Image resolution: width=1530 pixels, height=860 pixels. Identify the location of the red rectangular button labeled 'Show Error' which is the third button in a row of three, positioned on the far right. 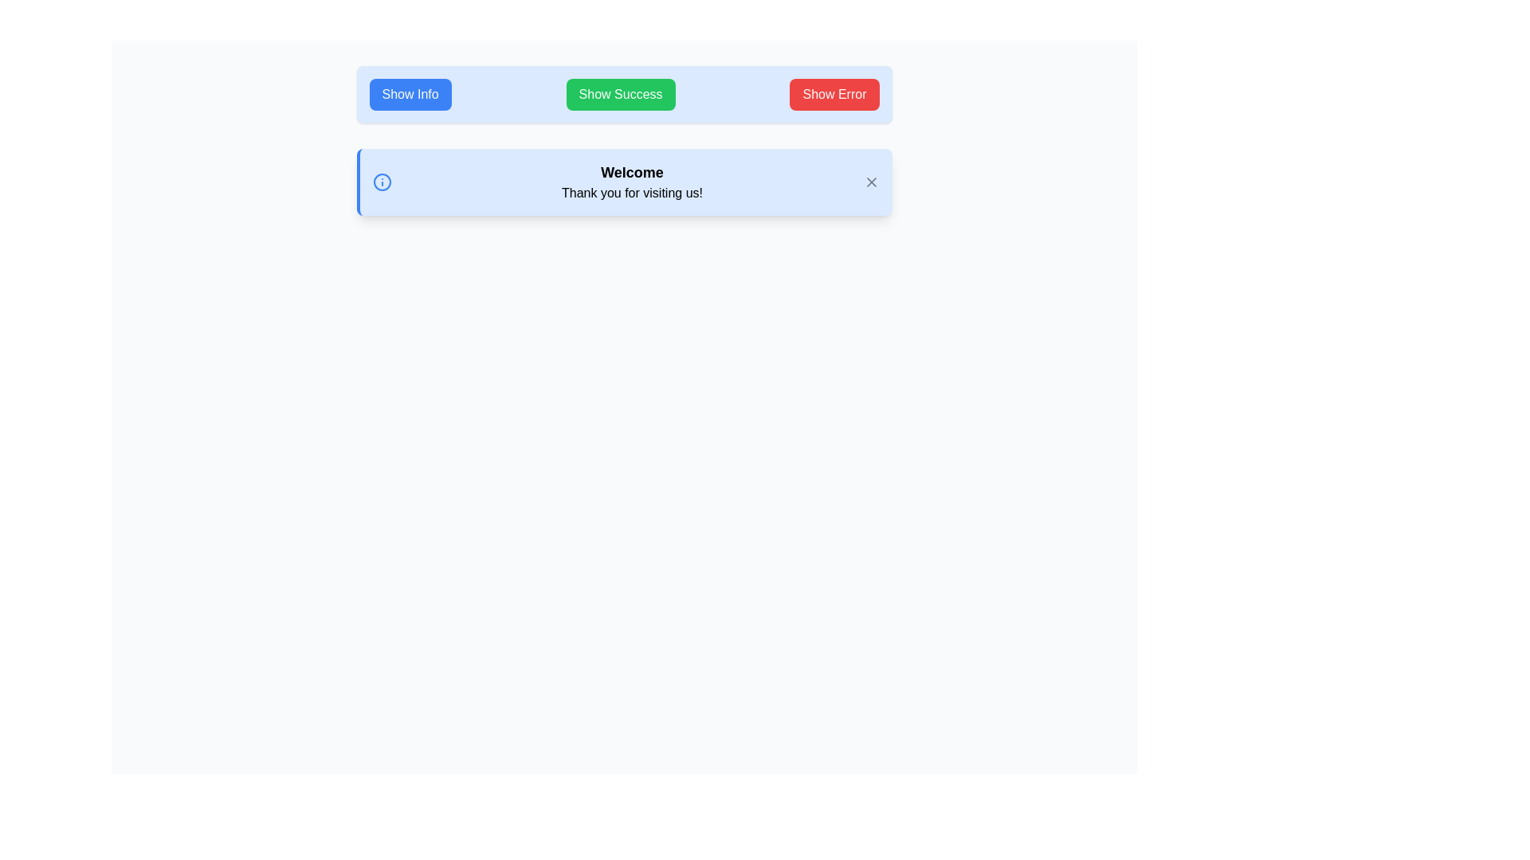
(834, 95).